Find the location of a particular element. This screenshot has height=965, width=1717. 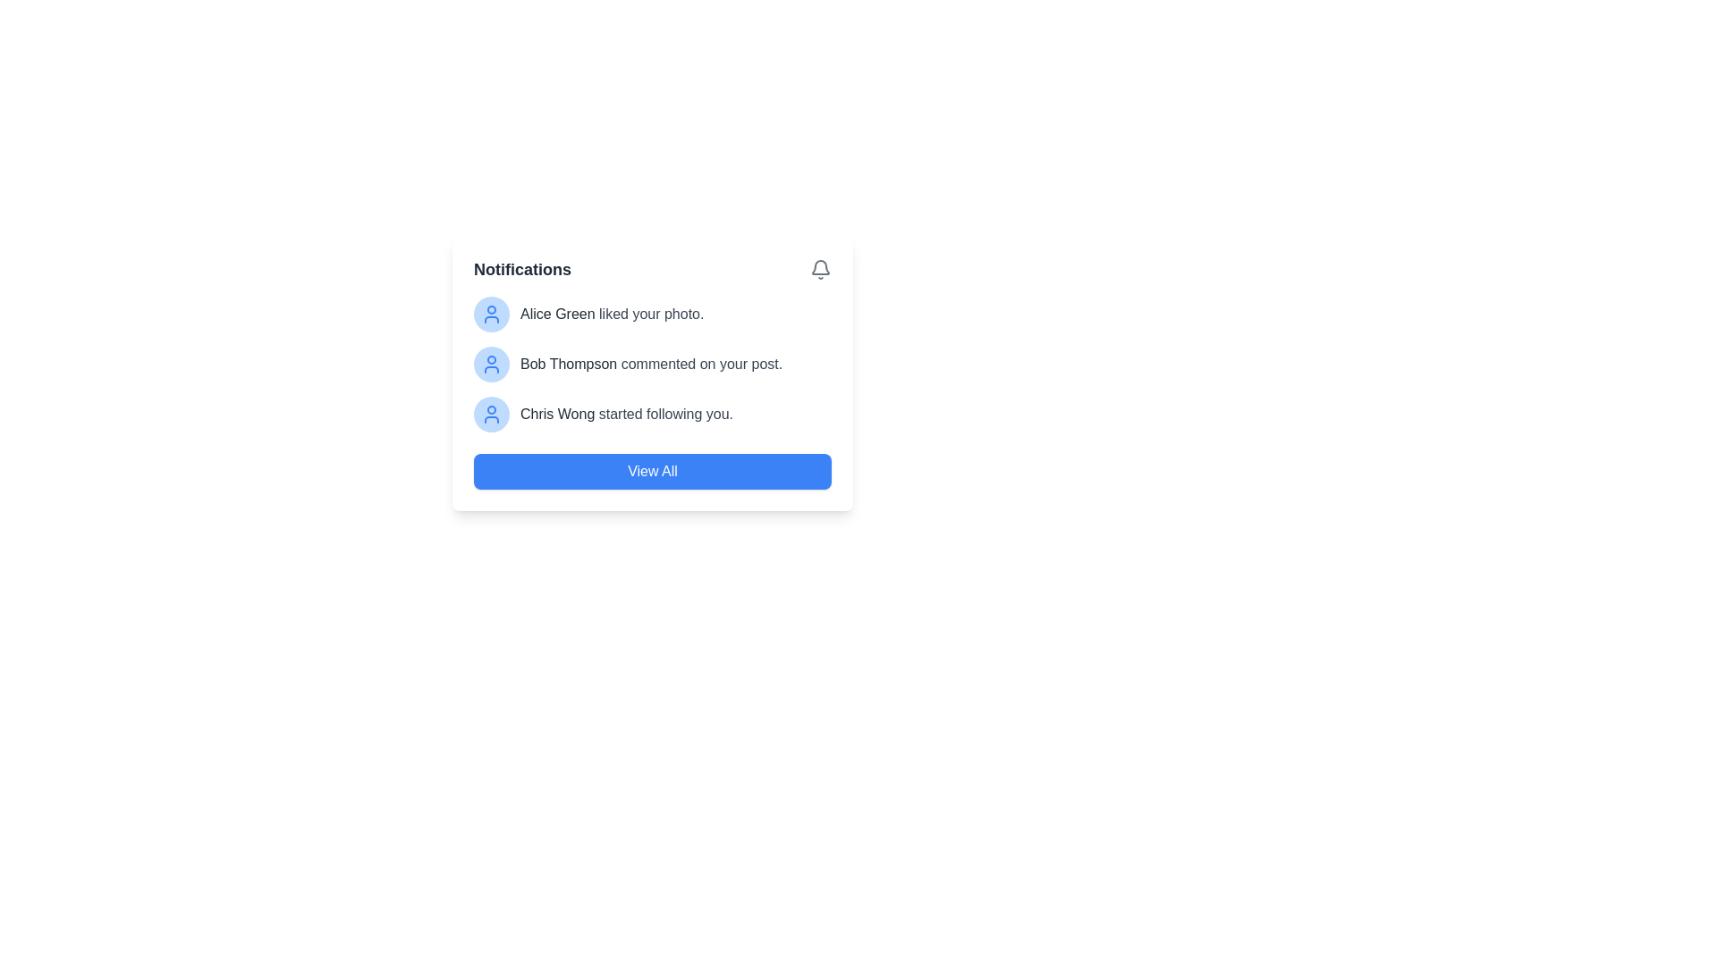

the notification item indicating that Bob Thompson has commented on the user's post is located at coordinates (651, 364).